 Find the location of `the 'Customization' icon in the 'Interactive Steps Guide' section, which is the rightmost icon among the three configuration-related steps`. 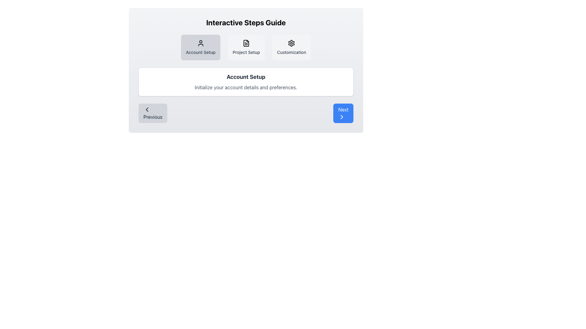

the 'Customization' icon in the 'Interactive Steps Guide' section, which is the rightmost icon among the three configuration-related steps is located at coordinates (291, 43).